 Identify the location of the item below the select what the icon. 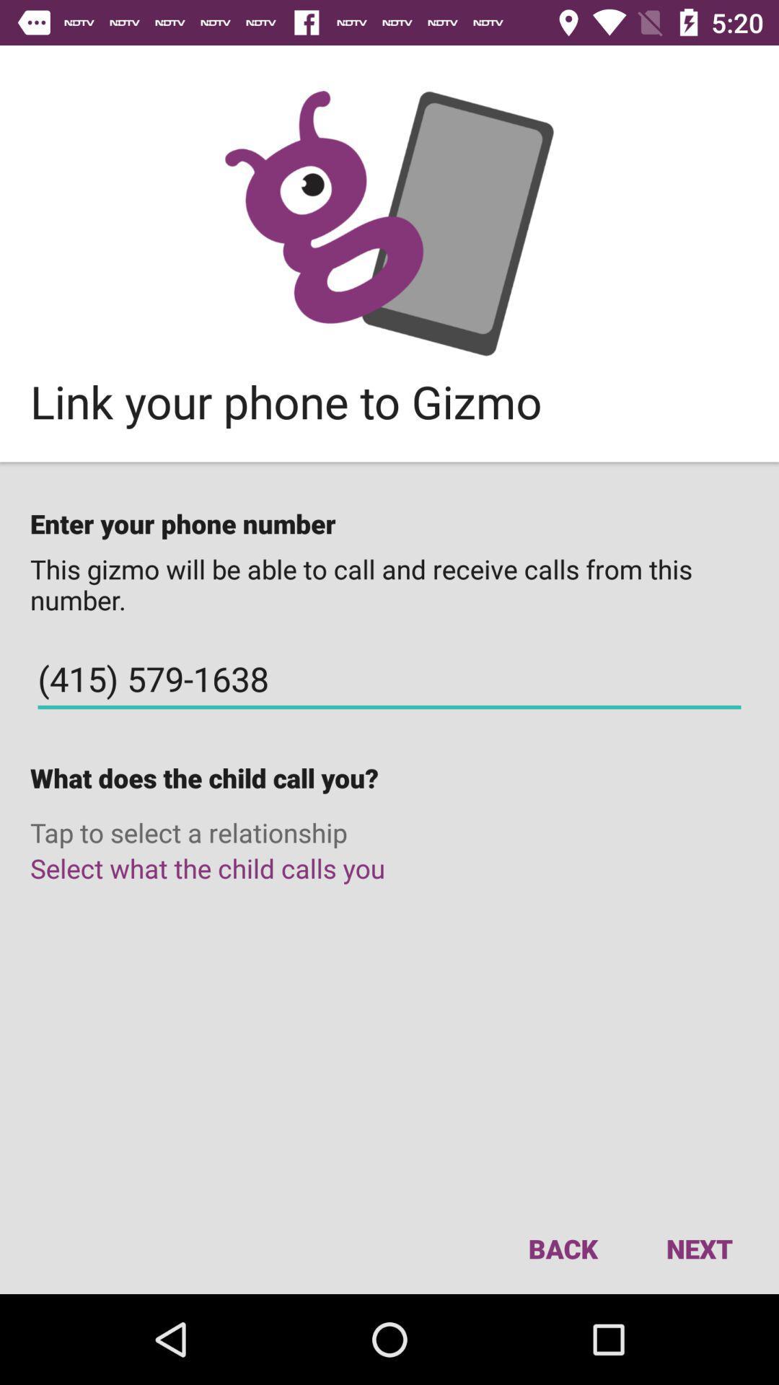
(562, 1248).